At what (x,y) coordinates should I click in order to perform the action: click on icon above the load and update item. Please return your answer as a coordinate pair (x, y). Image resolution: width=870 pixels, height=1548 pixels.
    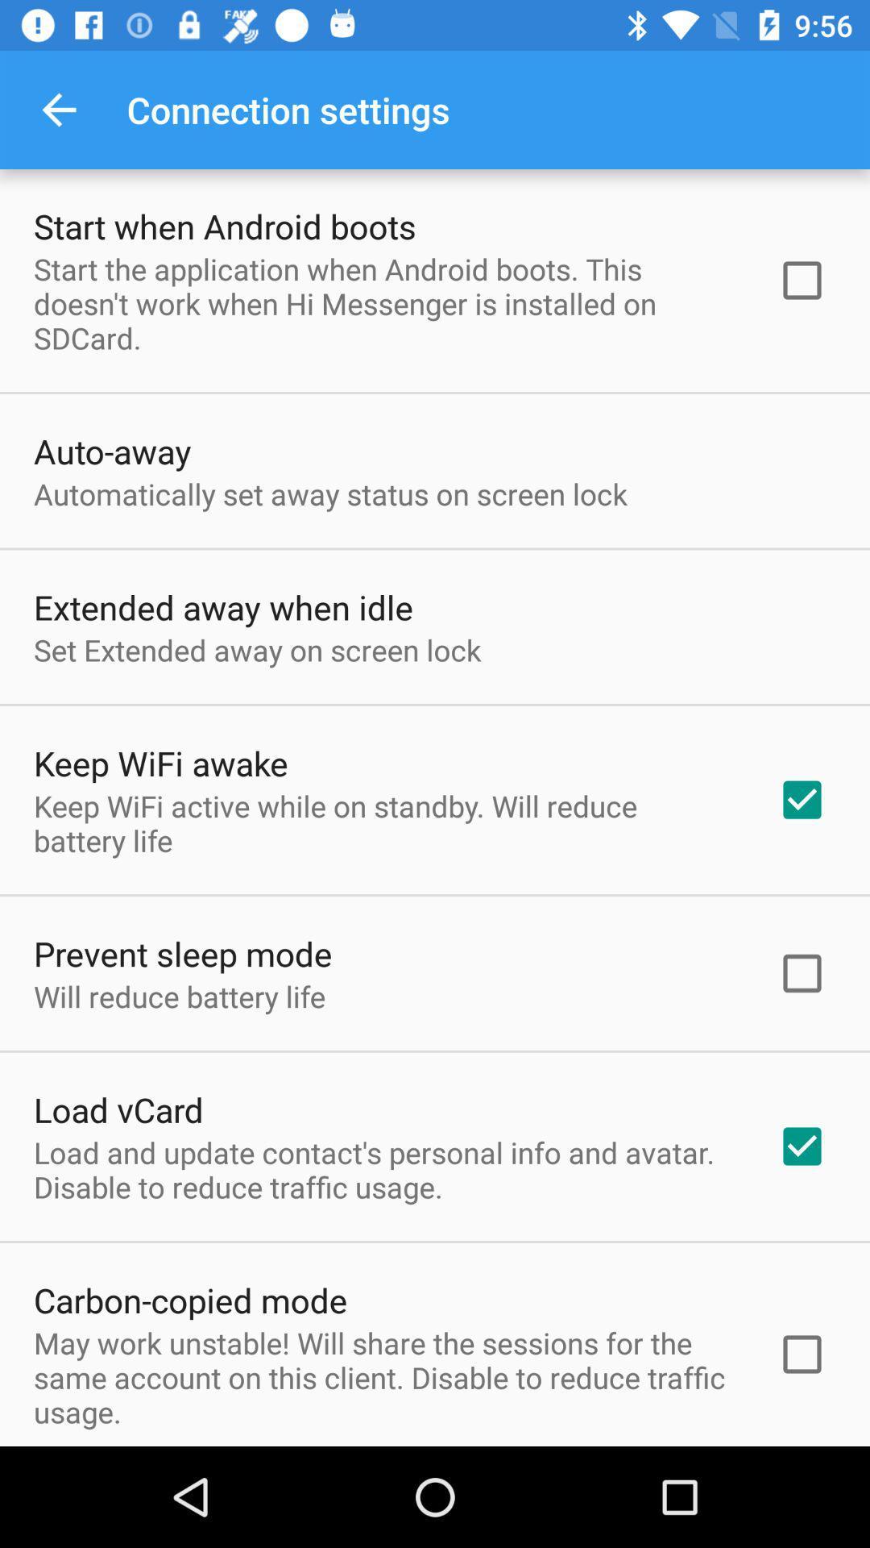
    Looking at the image, I should click on (118, 1109).